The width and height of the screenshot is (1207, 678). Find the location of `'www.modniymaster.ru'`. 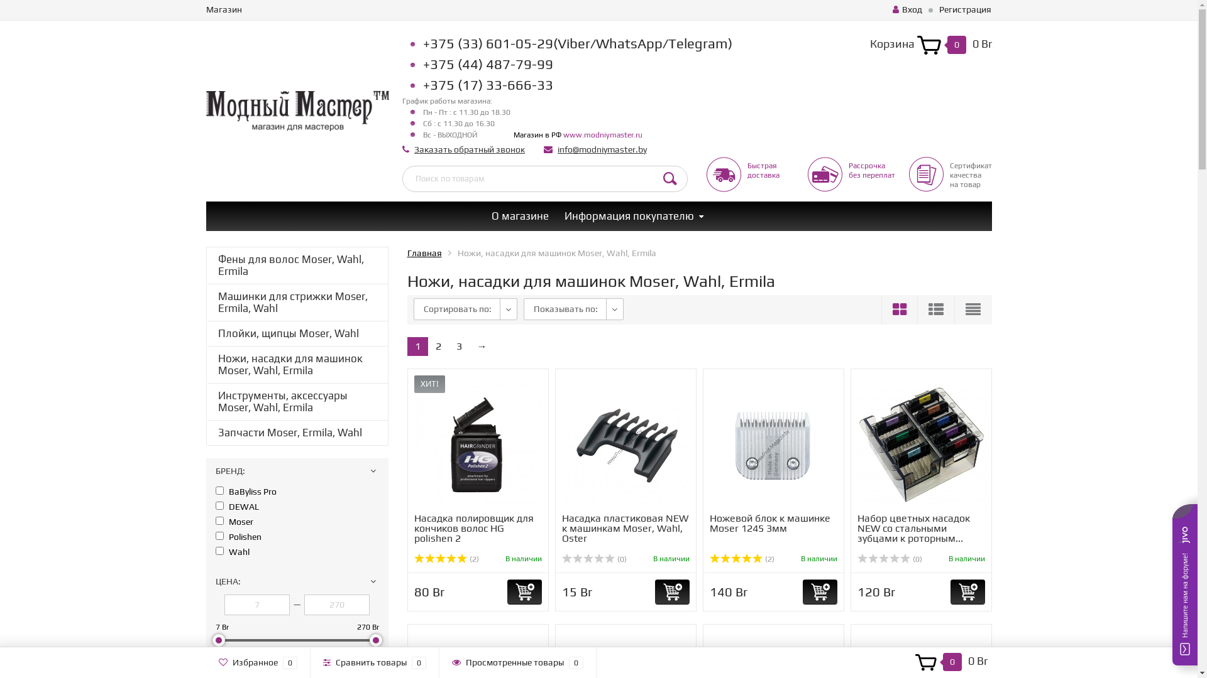

'www.modniymaster.ru' is located at coordinates (602, 135).